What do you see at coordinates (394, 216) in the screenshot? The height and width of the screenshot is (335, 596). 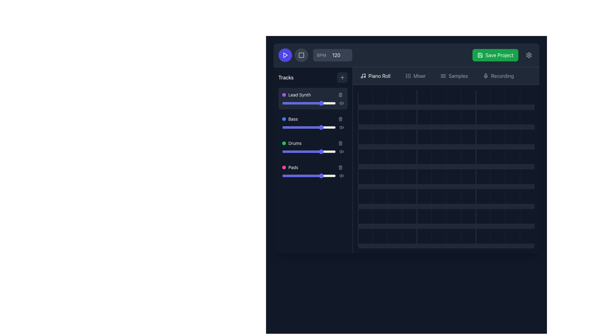 I see `the Square interactive placeholder or button located in the grid layout at the right-hand side of the interface, specifically in the seventh row and third column` at bounding box center [394, 216].